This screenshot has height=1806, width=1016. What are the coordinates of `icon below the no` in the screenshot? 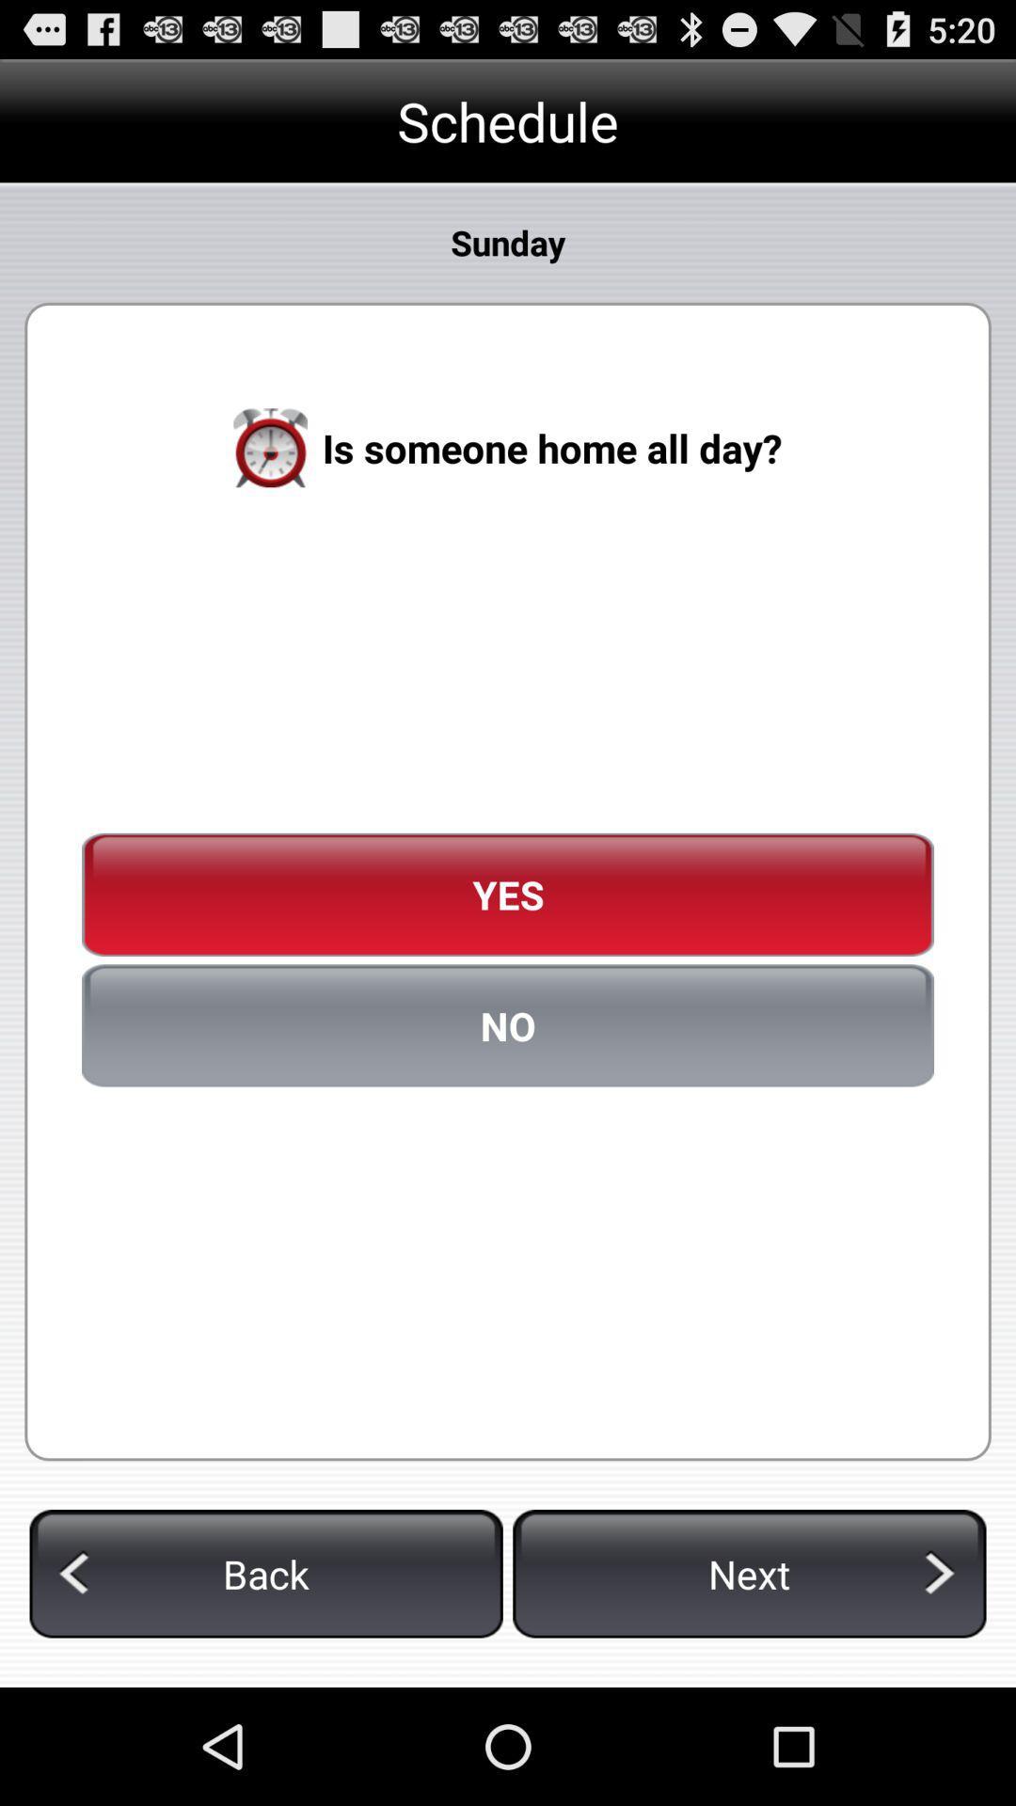 It's located at (748, 1574).